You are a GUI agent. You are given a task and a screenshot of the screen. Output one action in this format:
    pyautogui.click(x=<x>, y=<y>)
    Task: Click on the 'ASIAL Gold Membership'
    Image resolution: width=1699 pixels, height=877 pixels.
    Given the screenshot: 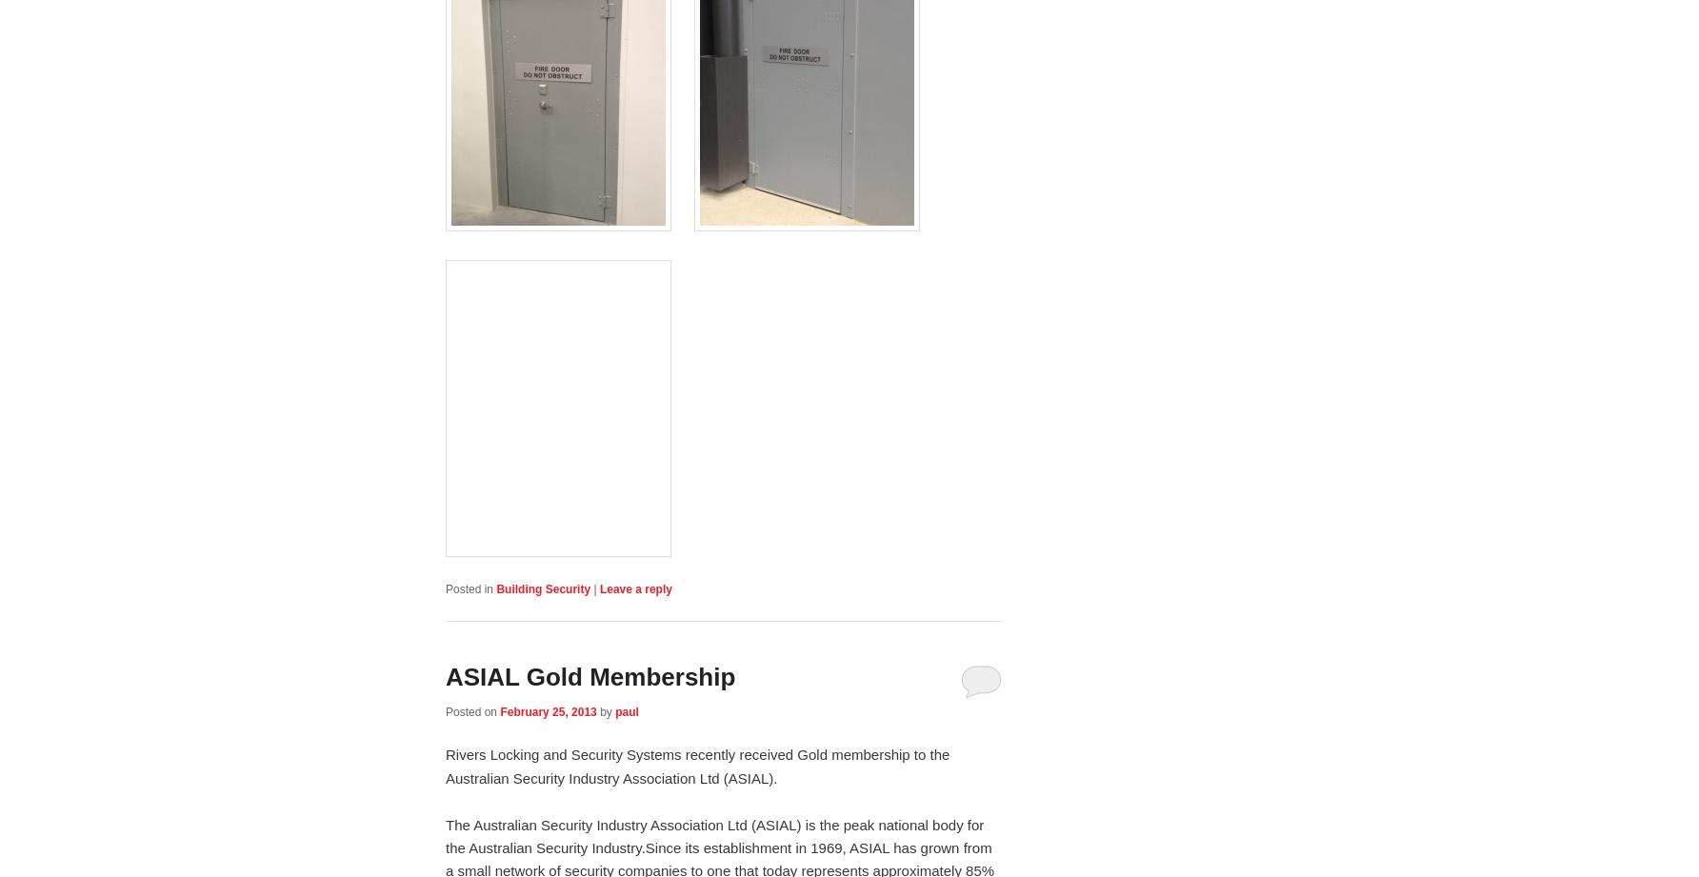 What is the action you would take?
    pyautogui.click(x=445, y=677)
    